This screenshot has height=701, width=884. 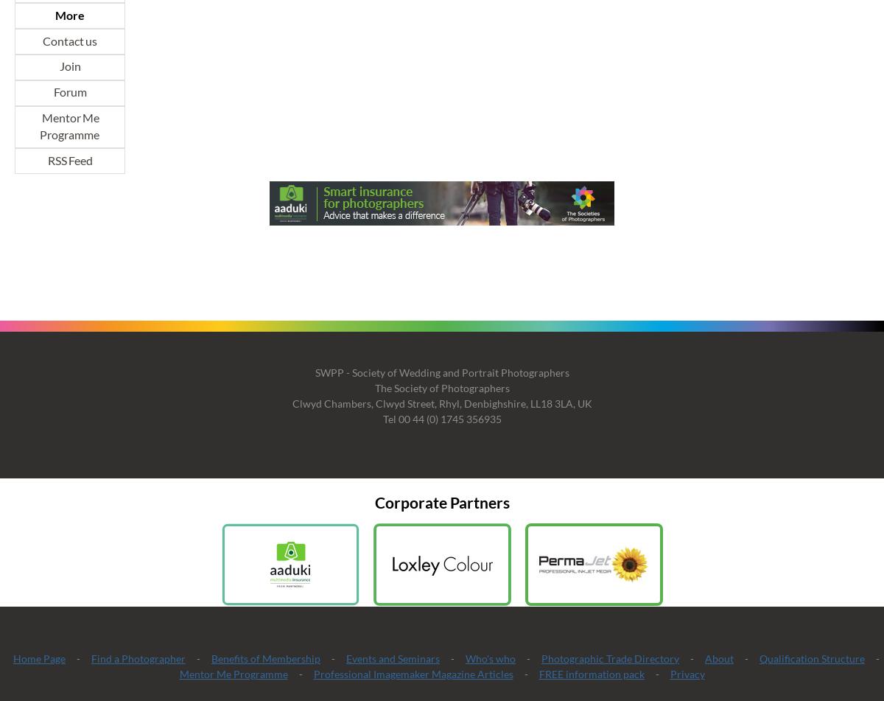 What do you see at coordinates (412, 672) in the screenshot?
I see `'Professional Imagemaker Magazine Articles'` at bounding box center [412, 672].